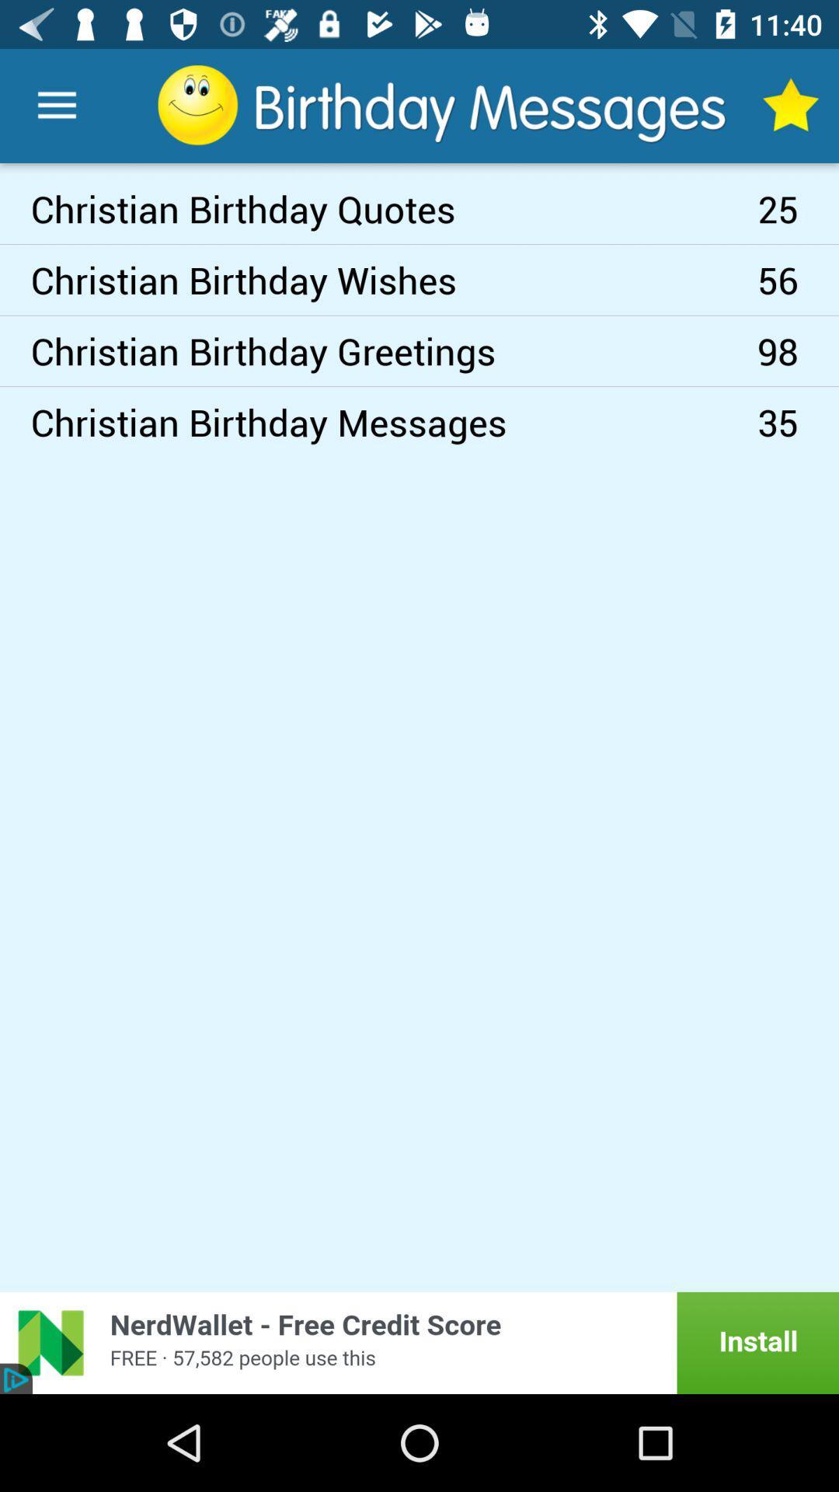 This screenshot has width=839, height=1492. What do you see at coordinates (419, 1342) in the screenshot?
I see `click install nerdwallet` at bounding box center [419, 1342].